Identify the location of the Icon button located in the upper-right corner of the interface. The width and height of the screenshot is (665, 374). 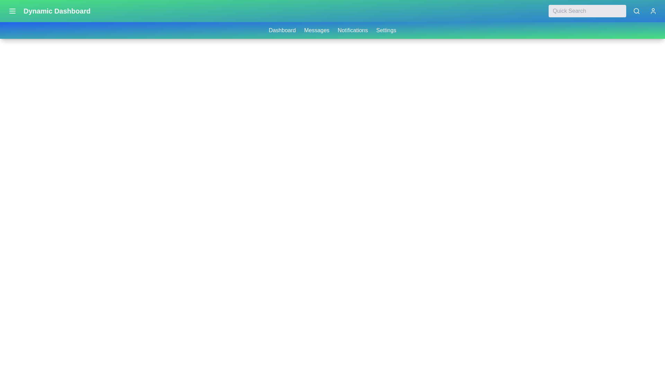
(653, 11).